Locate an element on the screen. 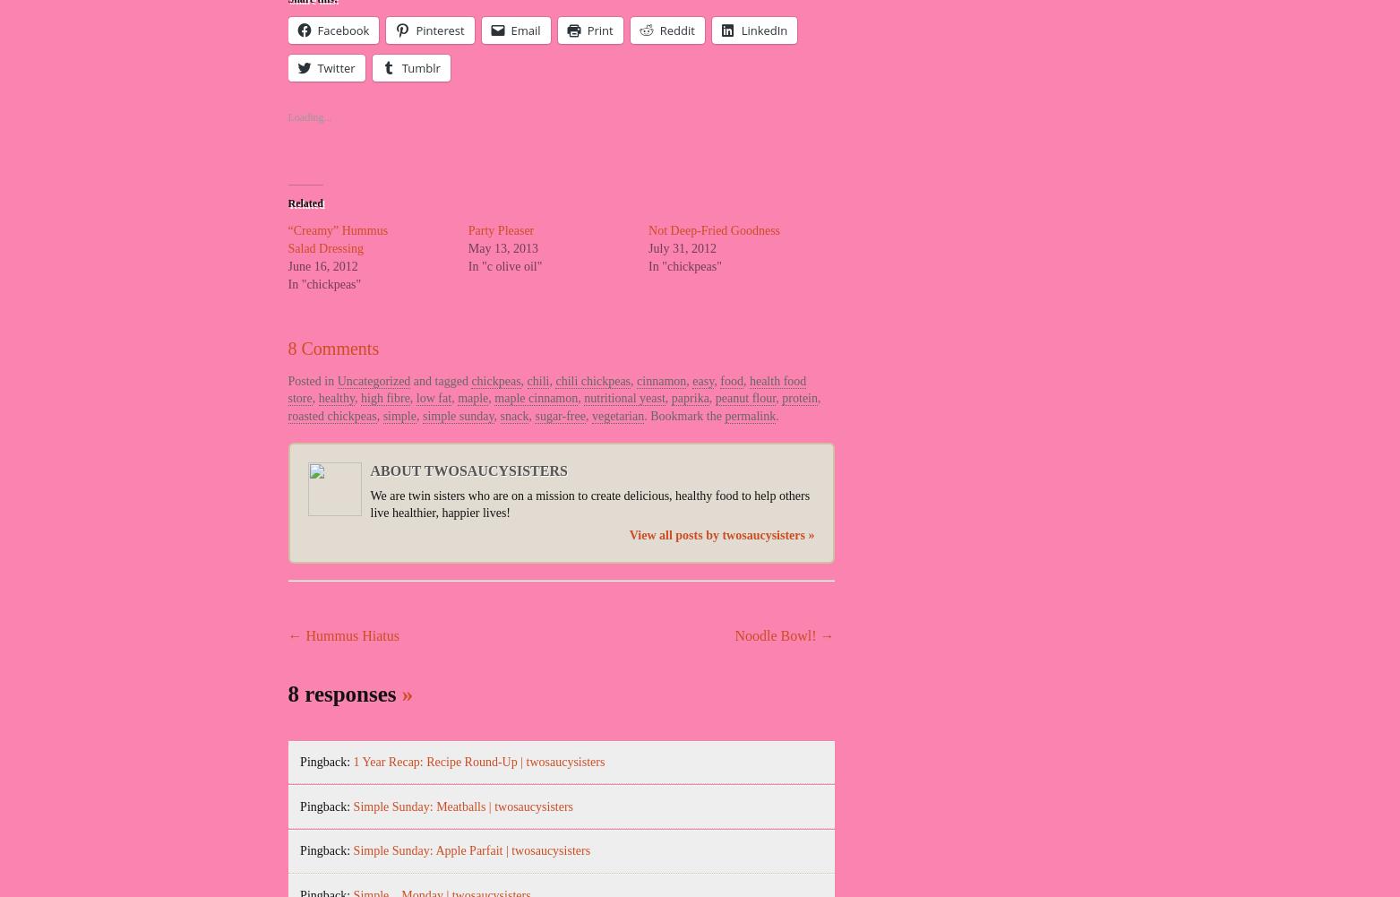 Image resolution: width=1400 pixels, height=897 pixels. 'and tagged' is located at coordinates (440, 379).